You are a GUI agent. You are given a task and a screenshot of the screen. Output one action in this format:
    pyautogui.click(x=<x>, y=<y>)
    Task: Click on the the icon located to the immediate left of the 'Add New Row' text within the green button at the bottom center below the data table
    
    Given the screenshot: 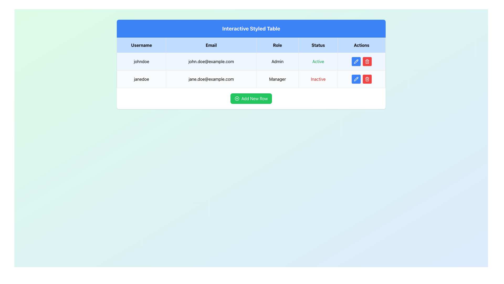 What is the action you would take?
    pyautogui.click(x=237, y=98)
    